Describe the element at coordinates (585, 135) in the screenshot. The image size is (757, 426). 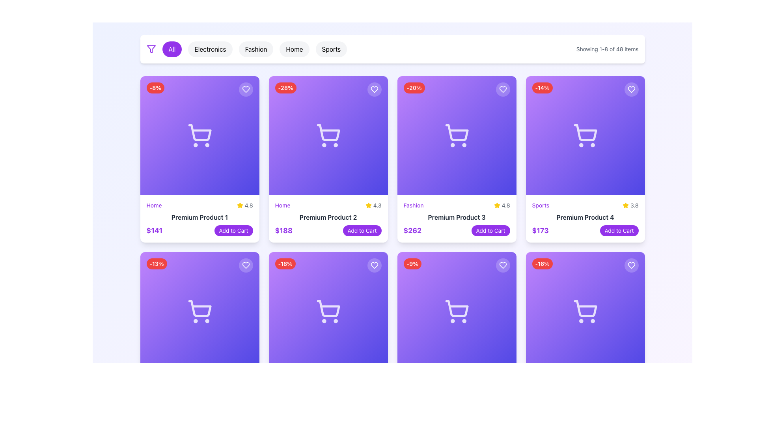
I see `the purple square card featuring a shopping cart icon and a red badge with '-14%' for 'Premium Product 4' located in the top-right corner of the grid layout` at that location.